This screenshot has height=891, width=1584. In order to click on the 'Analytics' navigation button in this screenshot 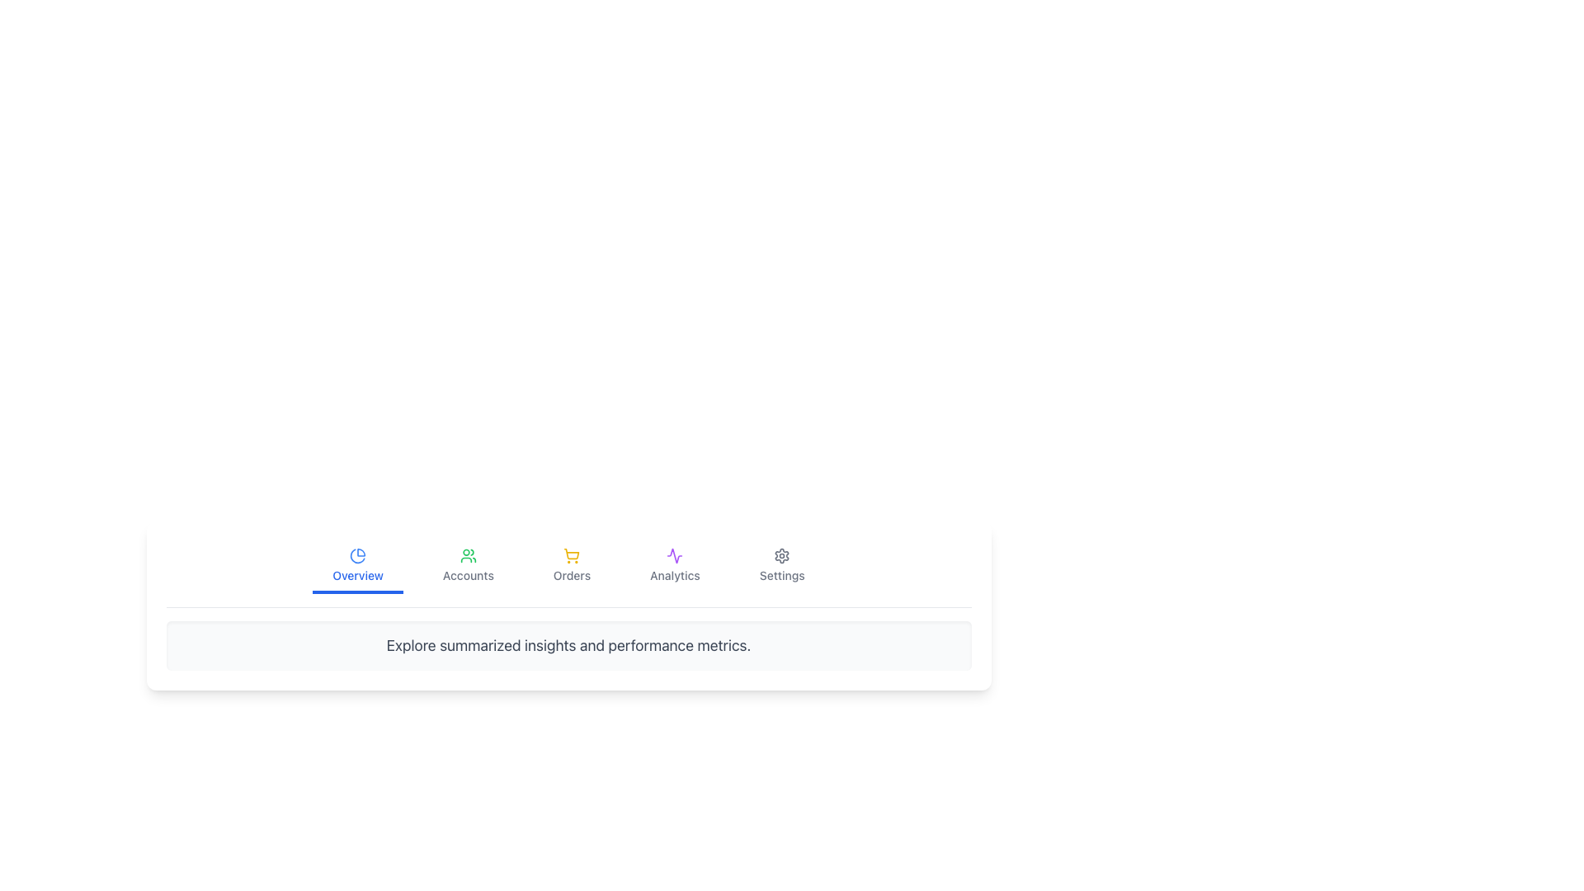, I will do `click(675, 566)`.